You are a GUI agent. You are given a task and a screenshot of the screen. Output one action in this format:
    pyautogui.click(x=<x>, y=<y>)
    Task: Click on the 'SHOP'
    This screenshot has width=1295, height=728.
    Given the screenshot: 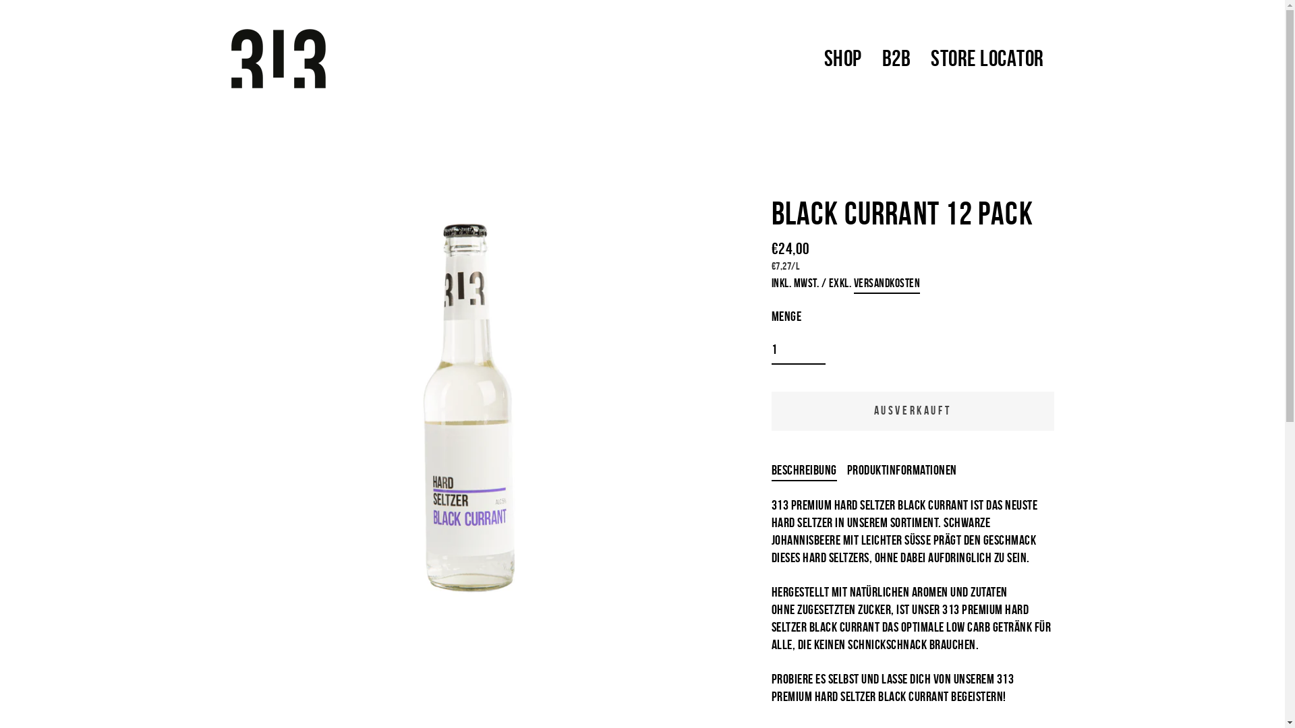 What is the action you would take?
    pyautogui.click(x=812, y=58)
    